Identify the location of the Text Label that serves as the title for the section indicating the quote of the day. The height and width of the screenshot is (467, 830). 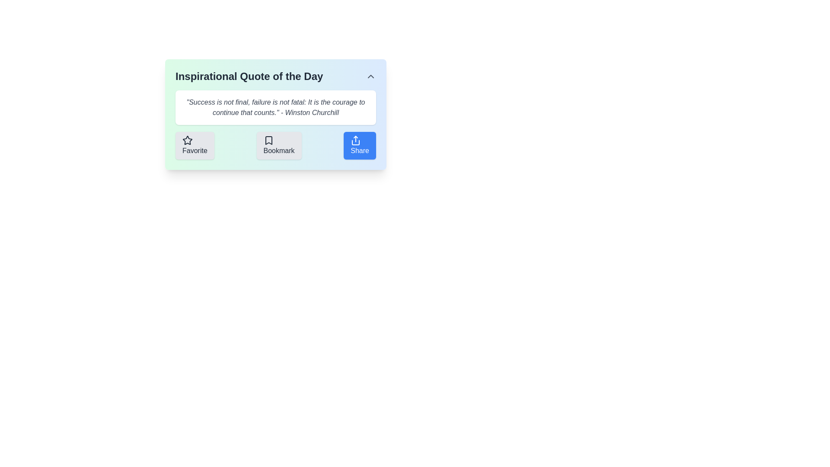
(249, 76).